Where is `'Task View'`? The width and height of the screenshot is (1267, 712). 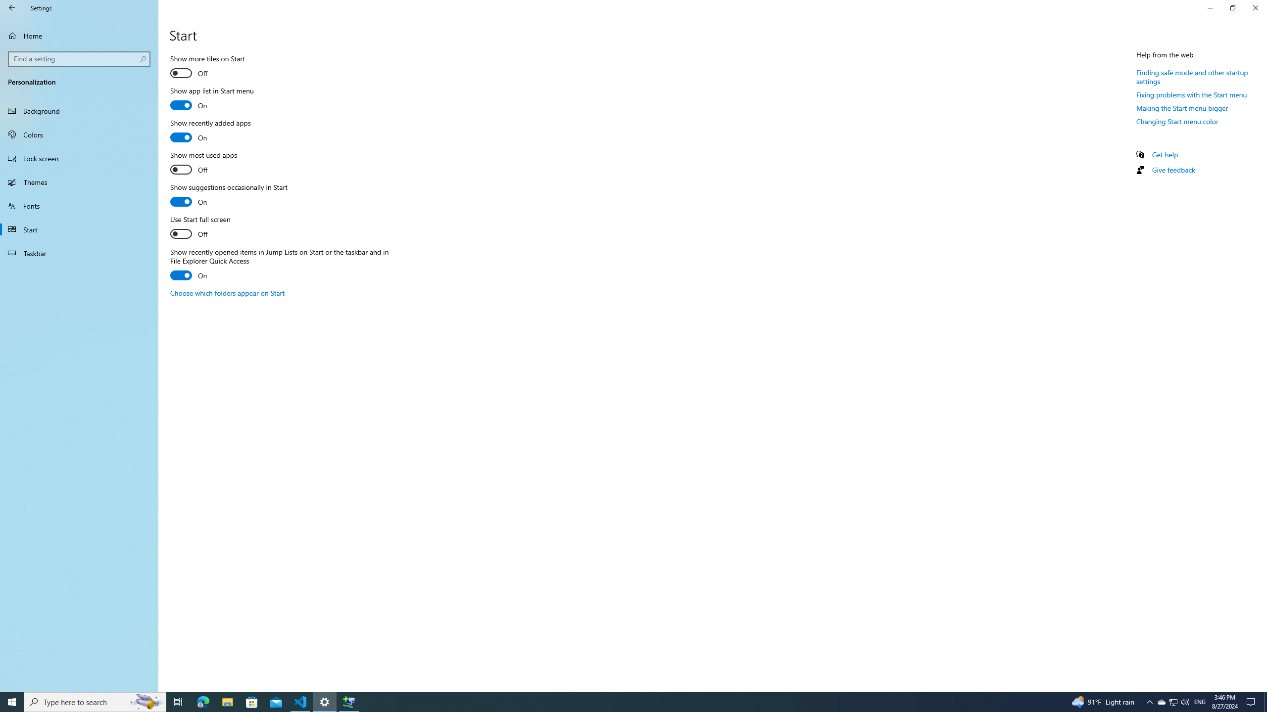 'Task View' is located at coordinates (177, 701).